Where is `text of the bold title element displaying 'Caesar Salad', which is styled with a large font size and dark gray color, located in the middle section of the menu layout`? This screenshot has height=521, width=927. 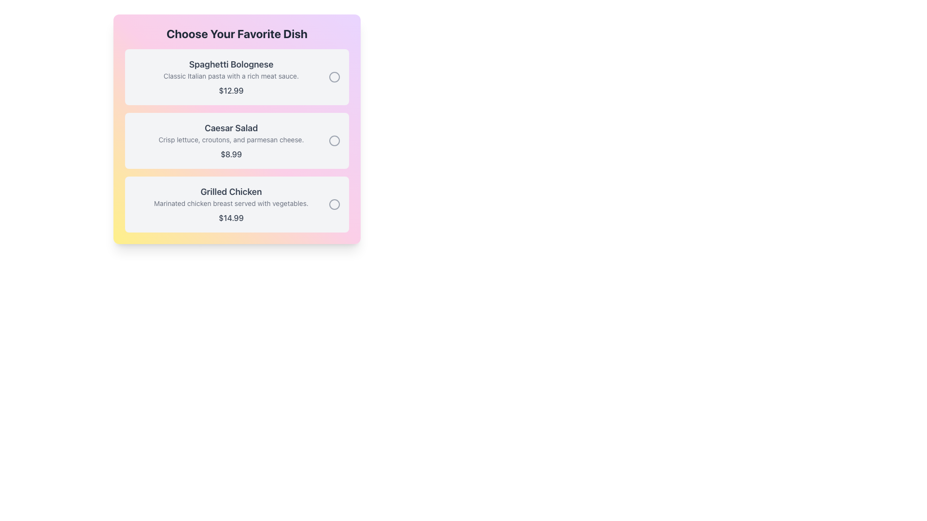
text of the bold title element displaying 'Caesar Salad', which is styled with a large font size and dark gray color, located in the middle section of the menu layout is located at coordinates (231, 128).